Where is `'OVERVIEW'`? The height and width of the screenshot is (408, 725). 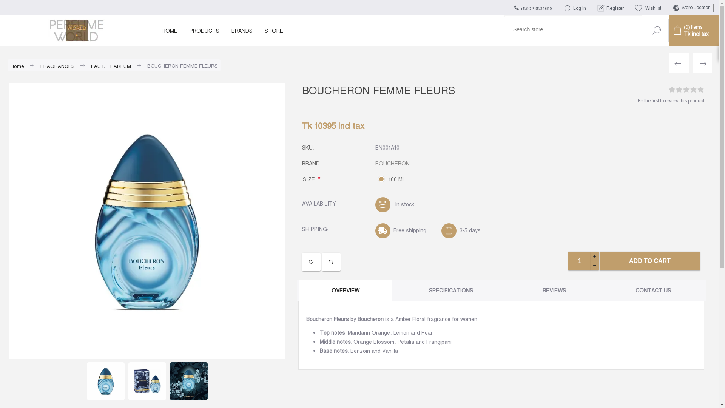 'OVERVIEW' is located at coordinates (345, 290).